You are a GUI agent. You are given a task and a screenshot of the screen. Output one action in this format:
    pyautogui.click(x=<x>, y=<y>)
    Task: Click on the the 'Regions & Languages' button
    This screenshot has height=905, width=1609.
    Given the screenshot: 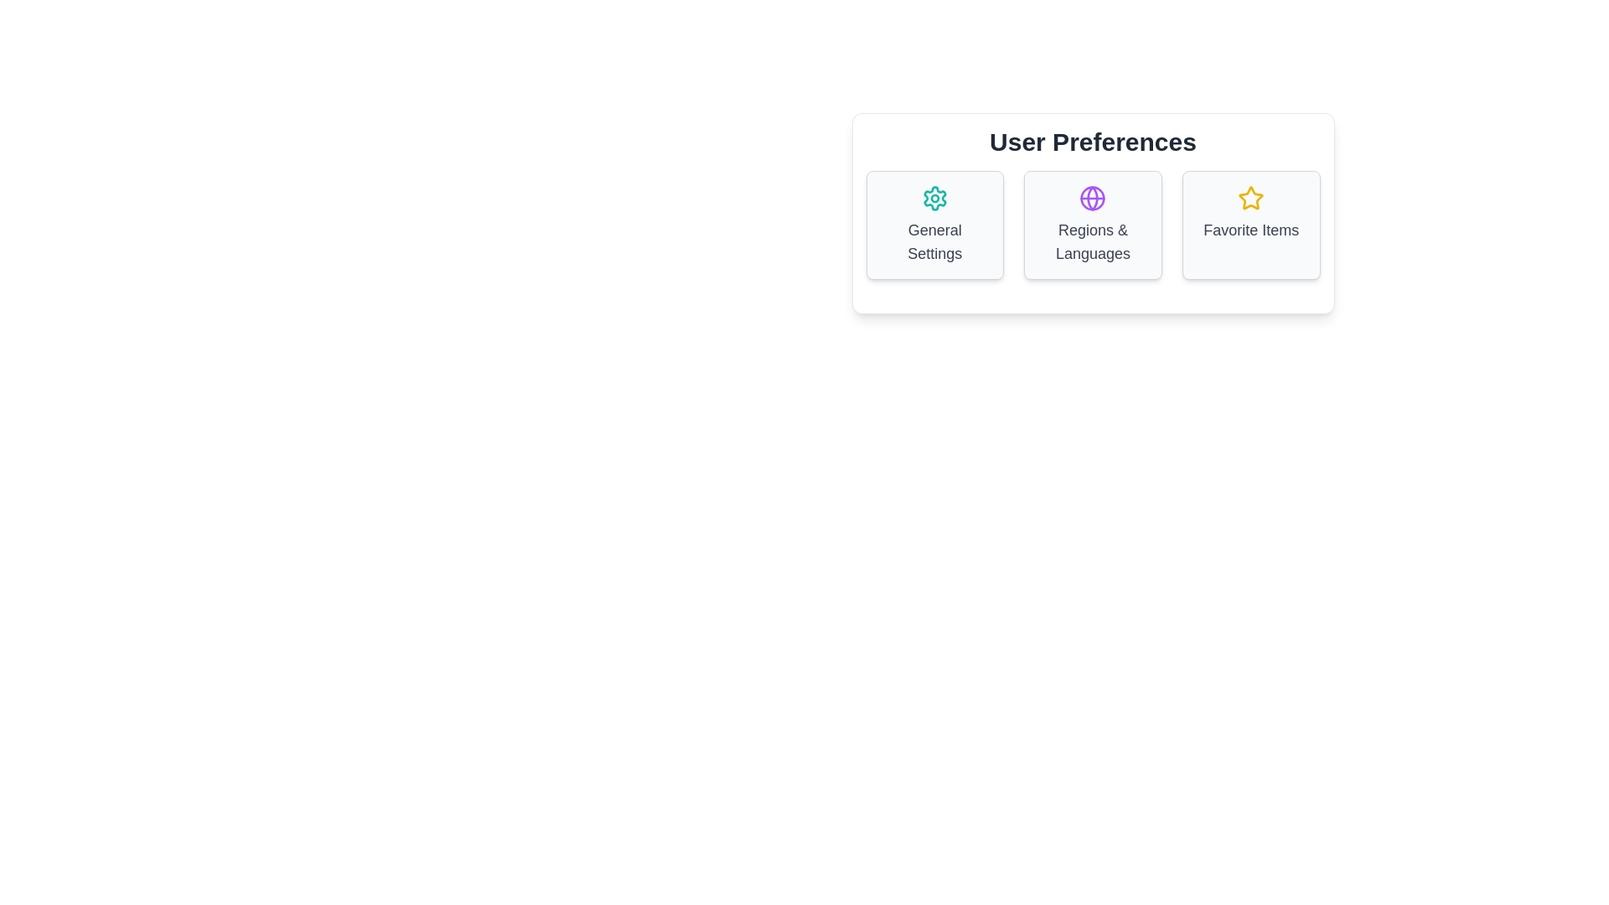 What is the action you would take?
    pyautogui.click(x=1093, y=225)
    